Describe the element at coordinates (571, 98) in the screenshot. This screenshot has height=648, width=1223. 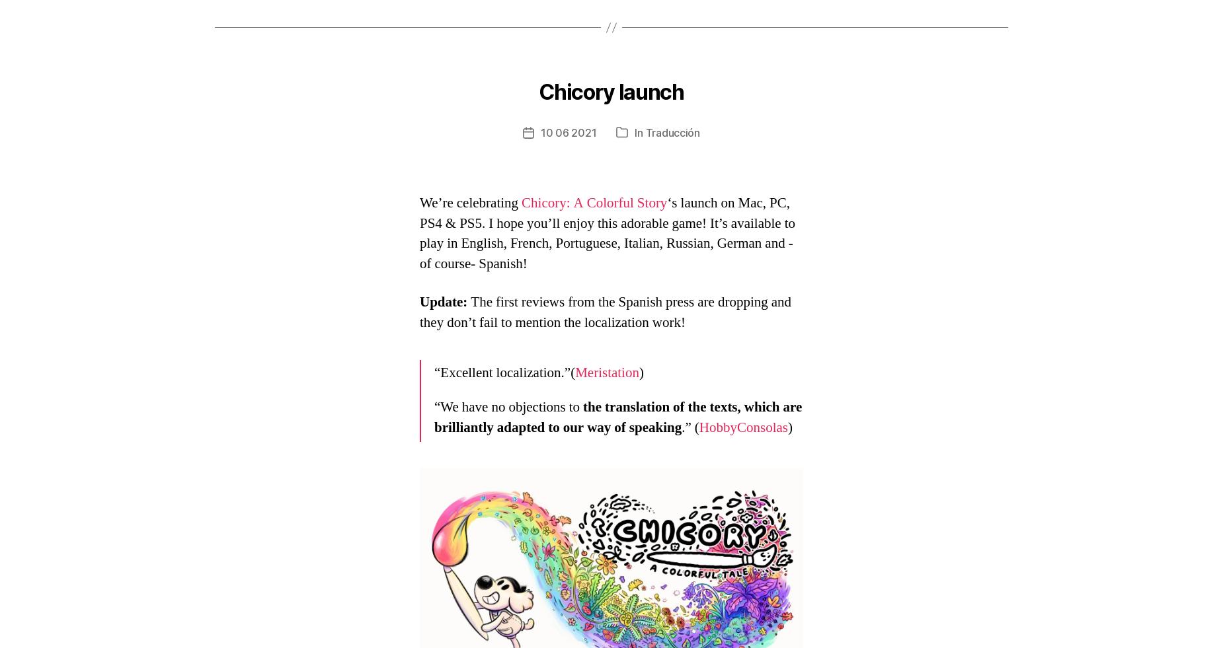
I see `'2'` at that location.